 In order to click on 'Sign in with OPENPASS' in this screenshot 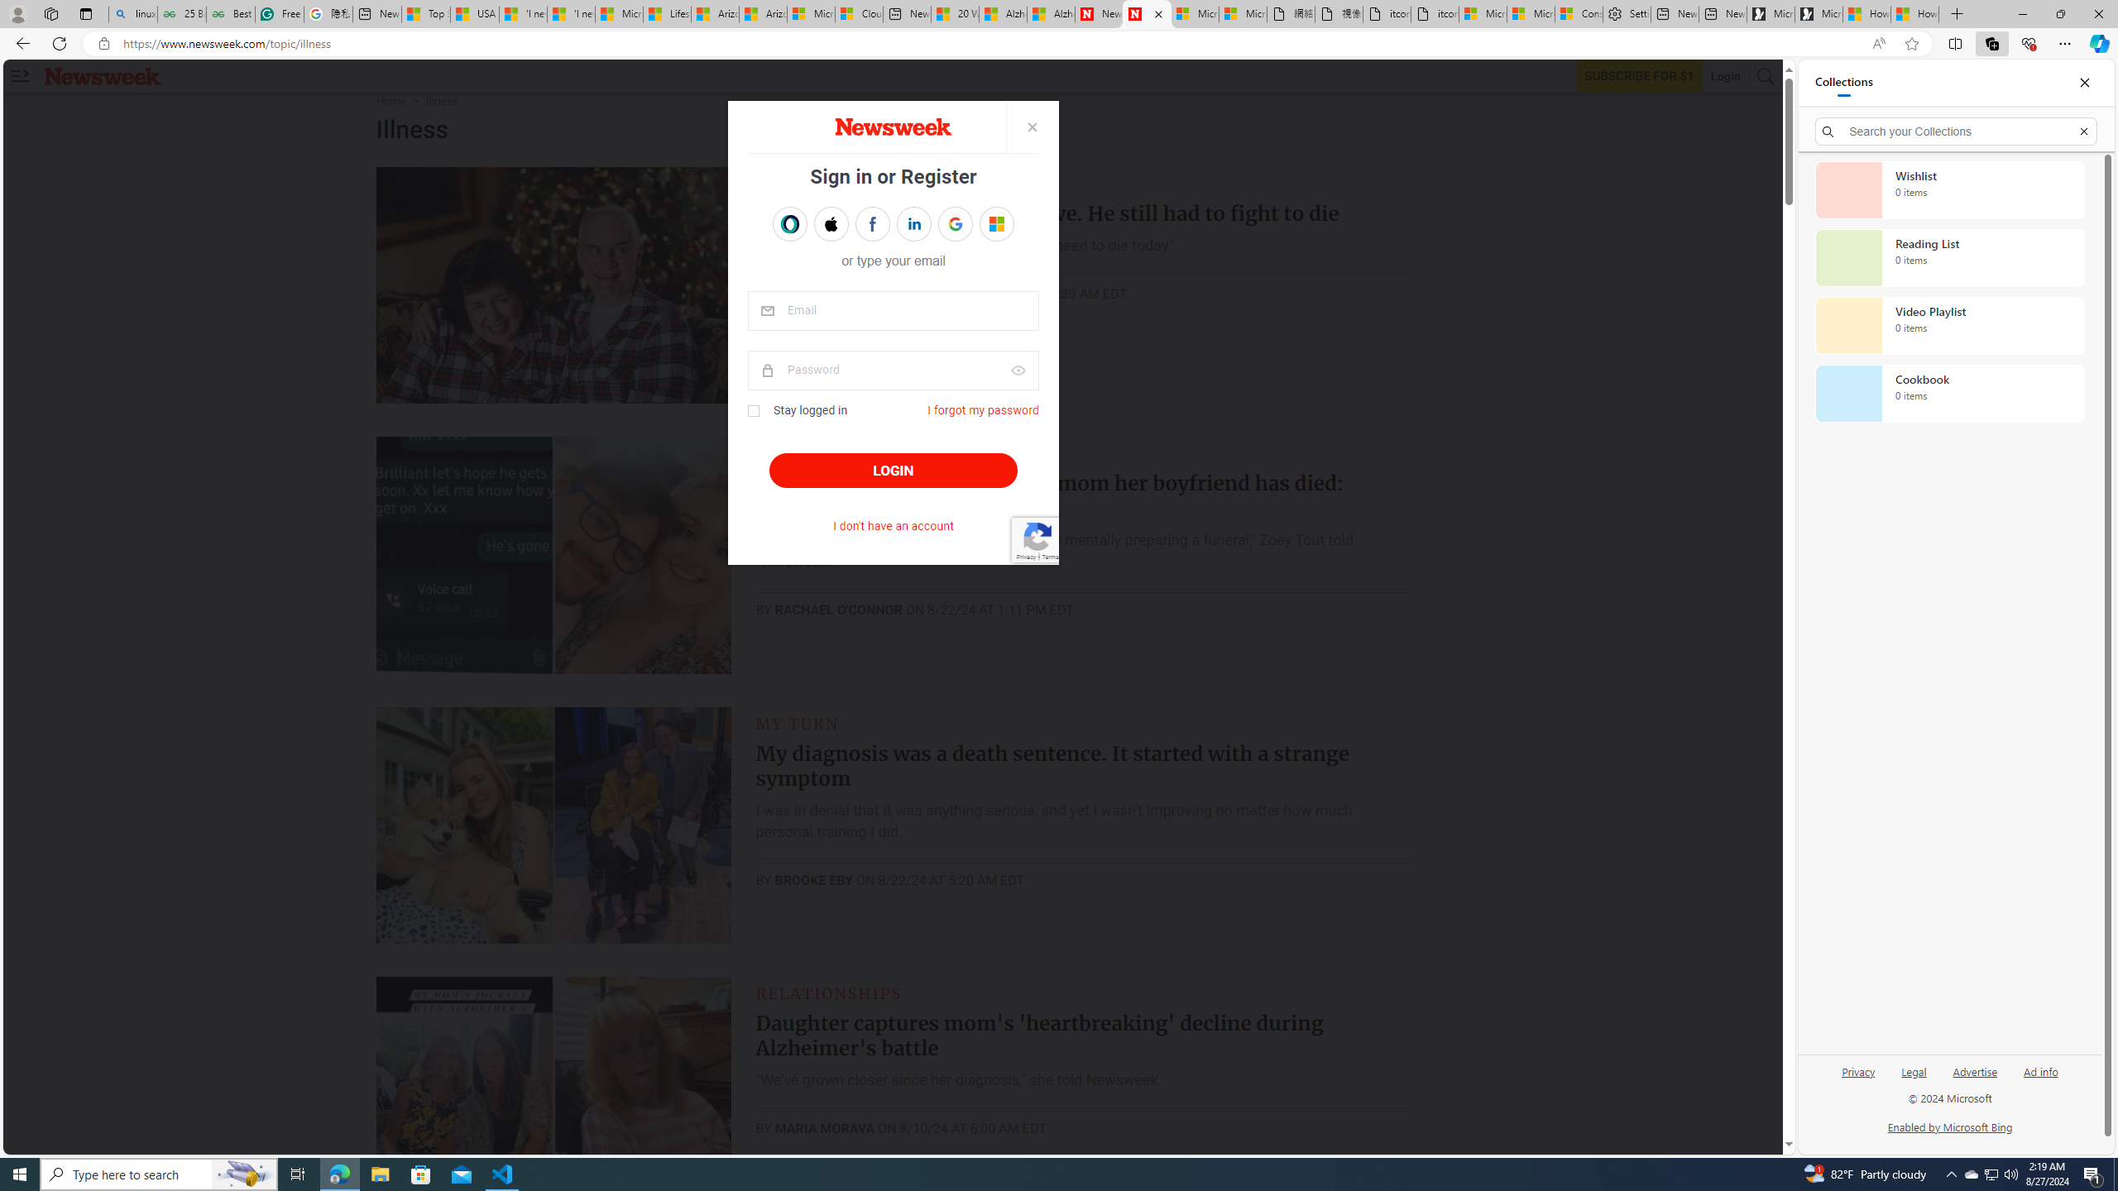, I will do `click(788, 224)`.